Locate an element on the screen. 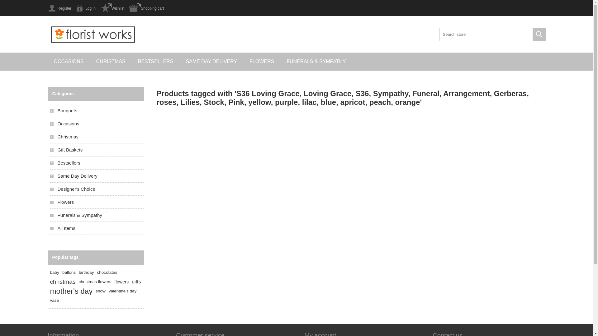 The image size is (598, 336). 'chocolates' is located at coordinates (107, 272).